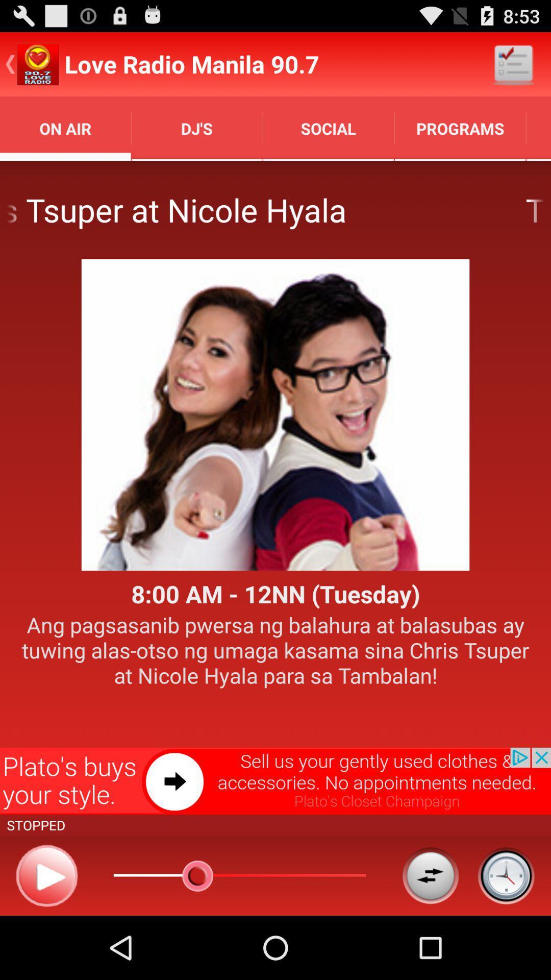 The height and width of the screenshot is (980, 551). What do you see at coordinates (275, 780) in the screenshot?
I see `icon below the ang pagsasanib pwersa item` at bounding box center [275, 780].